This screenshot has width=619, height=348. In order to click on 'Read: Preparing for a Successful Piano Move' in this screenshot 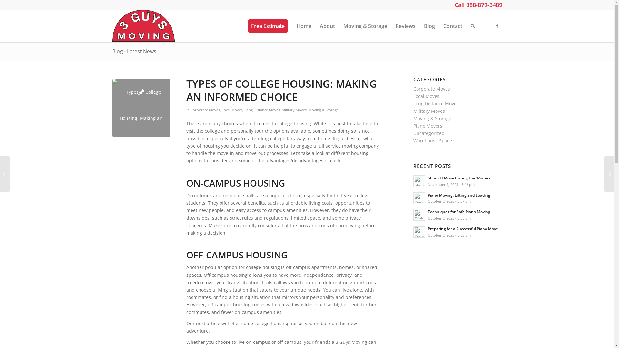, I will do `click(419, 232)`.